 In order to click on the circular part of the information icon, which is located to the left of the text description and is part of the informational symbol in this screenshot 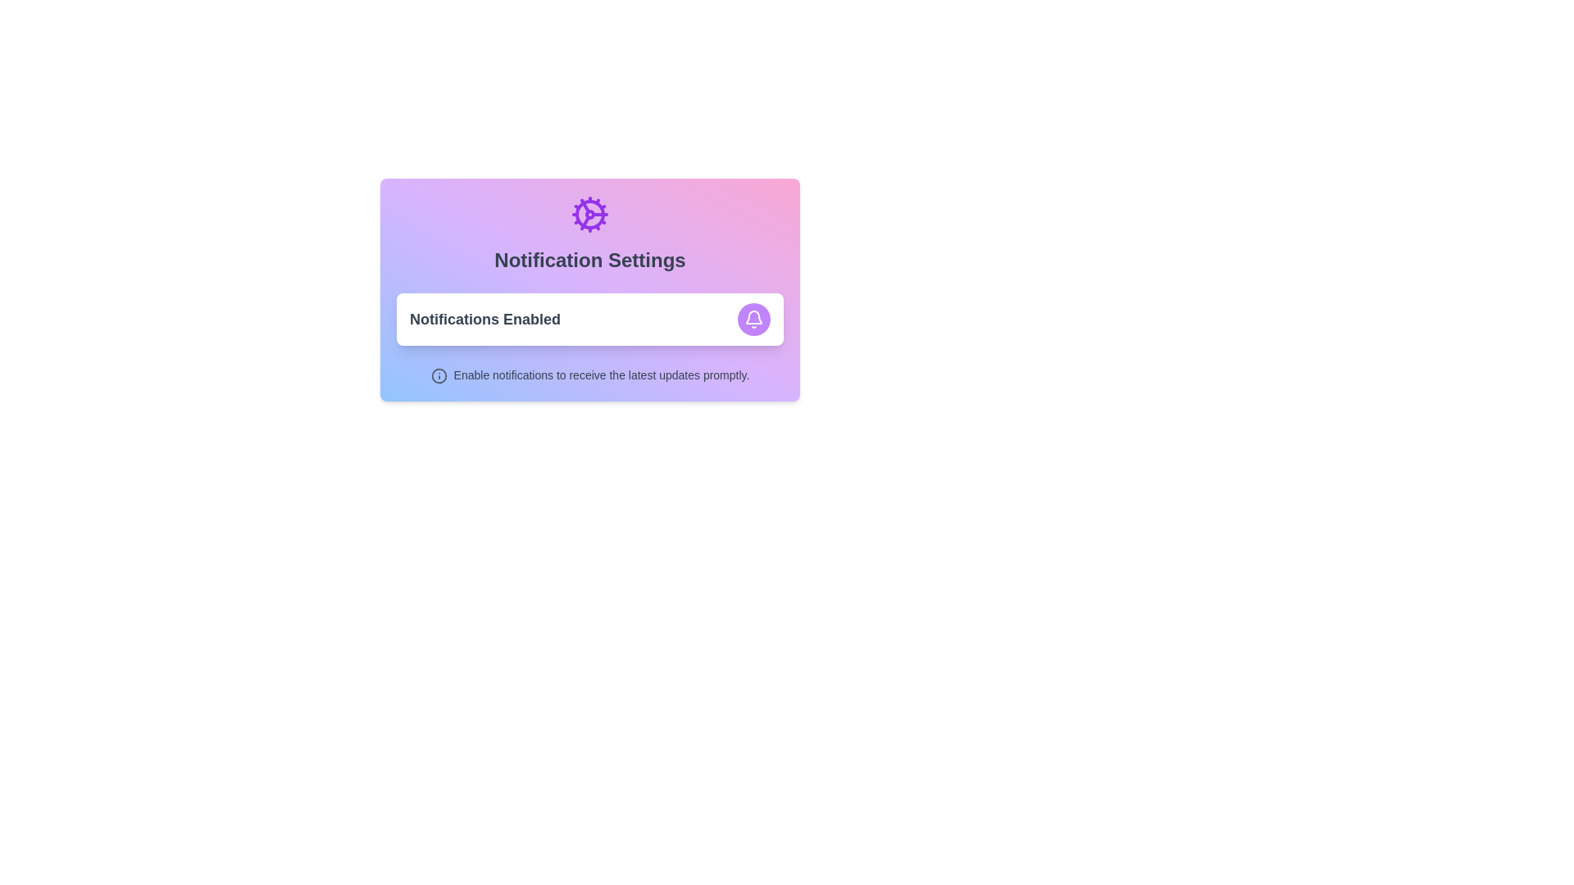, I will do `click(439, 375)`.